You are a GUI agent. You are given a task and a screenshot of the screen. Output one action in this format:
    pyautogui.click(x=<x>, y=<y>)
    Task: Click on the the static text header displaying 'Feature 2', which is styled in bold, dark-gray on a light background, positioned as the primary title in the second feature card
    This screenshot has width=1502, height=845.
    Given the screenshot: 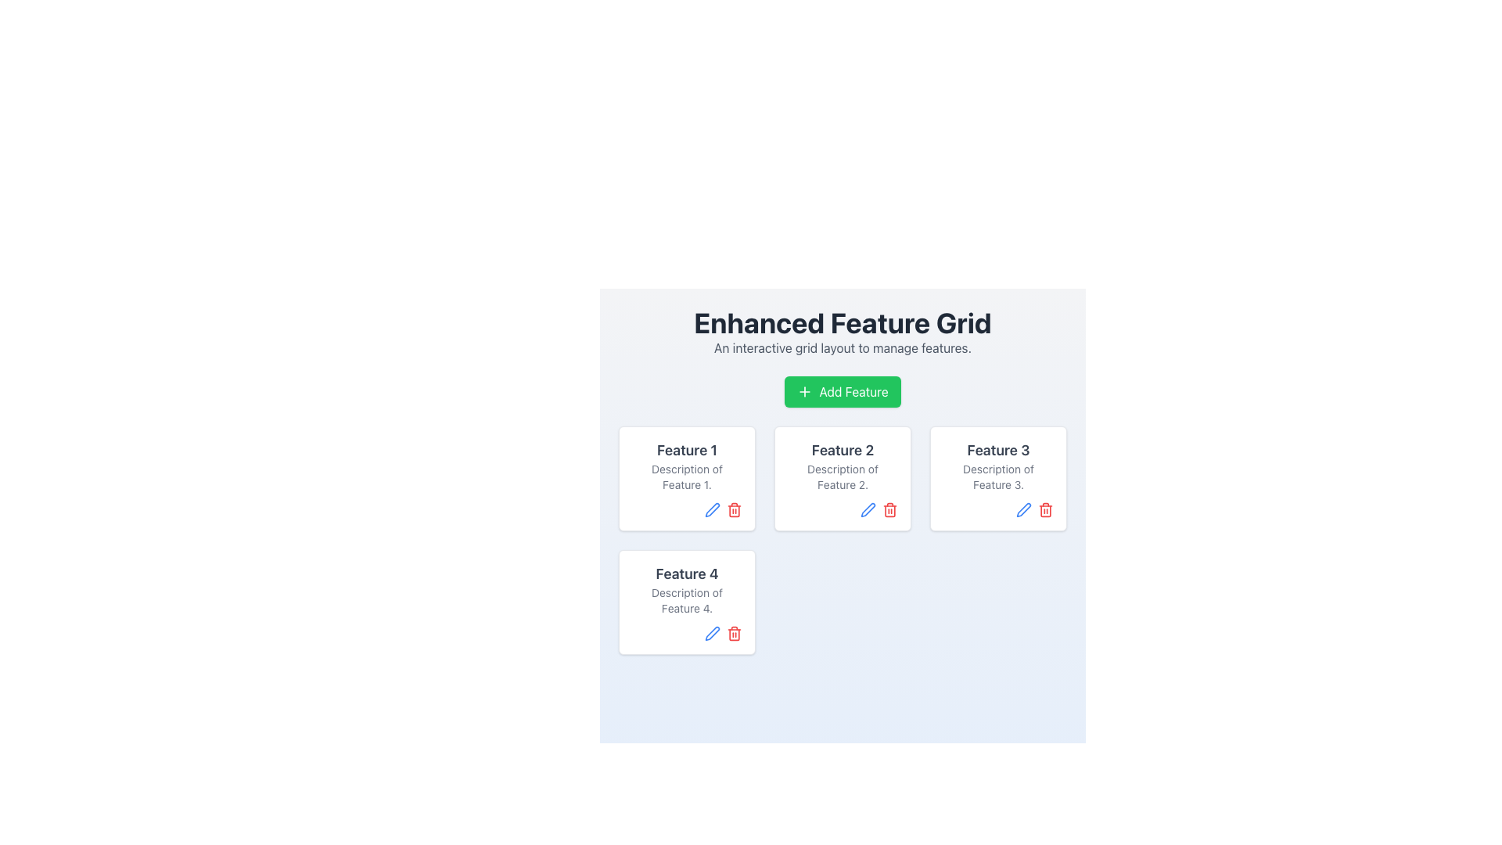 What is the action you would take?
    pyautogui.click(x=842, y=450)
    